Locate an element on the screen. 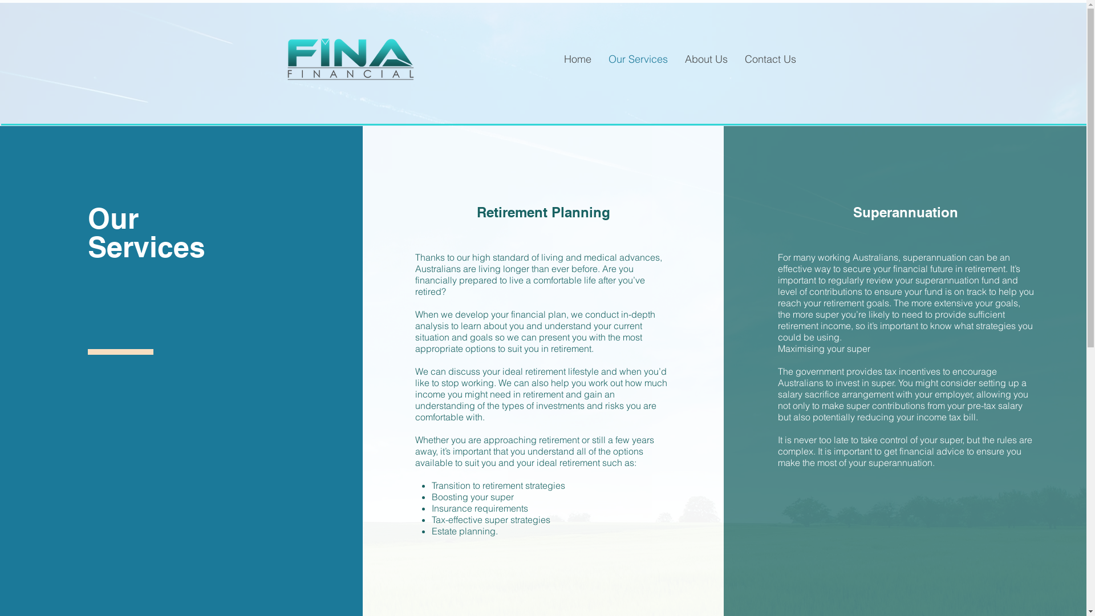  'Our Services' is located at coordinates (637, 59).